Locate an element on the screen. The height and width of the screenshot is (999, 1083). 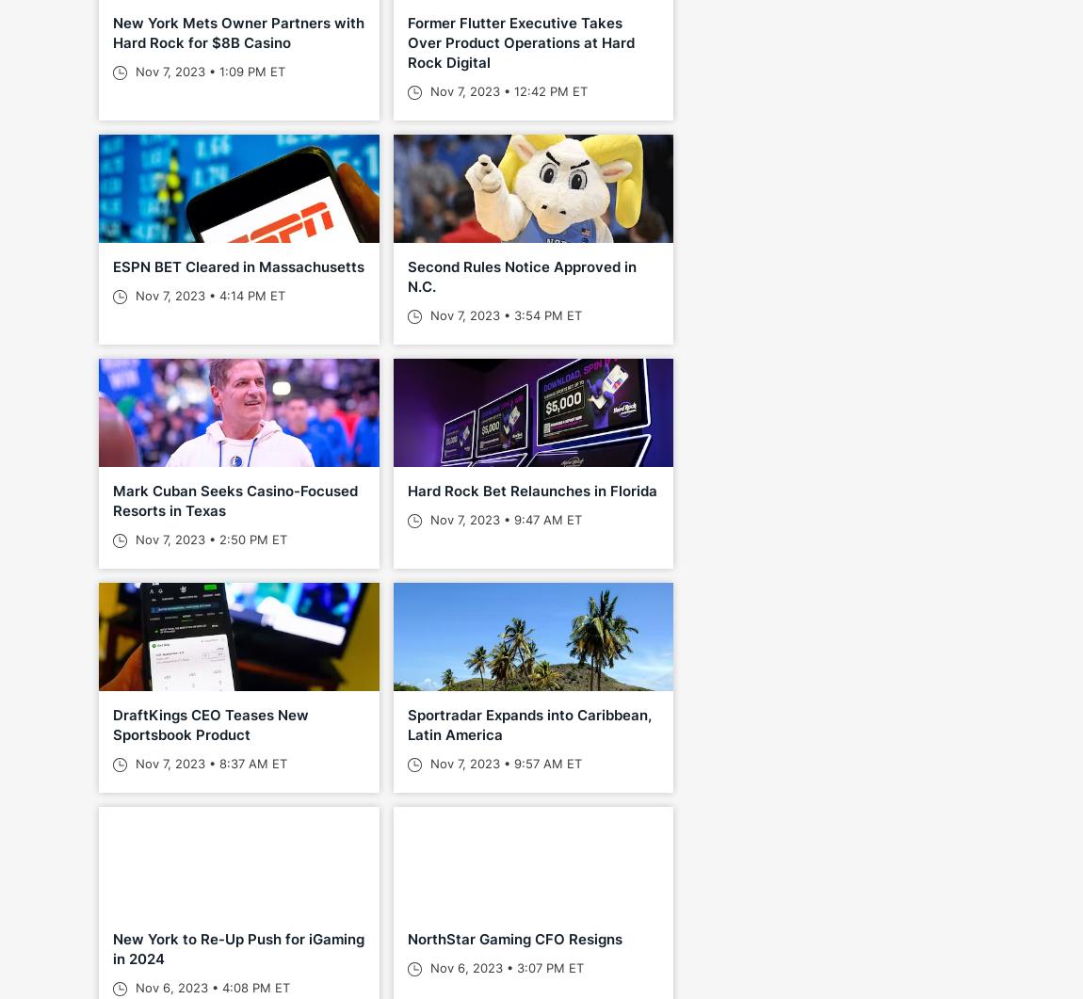
'Nov 7, 2023 • 9:57 AM ET' is located at coordinates (503, 764).